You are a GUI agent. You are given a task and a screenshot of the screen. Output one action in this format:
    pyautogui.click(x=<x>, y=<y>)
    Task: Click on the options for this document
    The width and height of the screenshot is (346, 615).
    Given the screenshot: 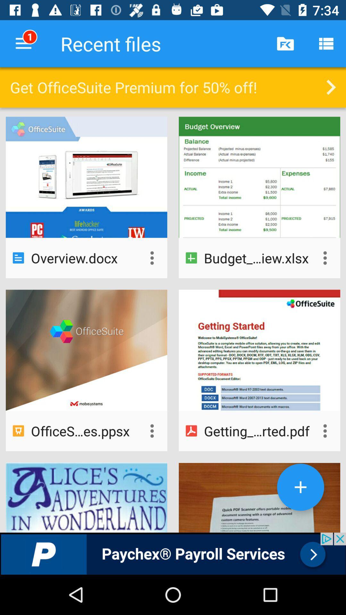 What is the action you would take?
    pyautogui.click(x=152, y=431)
    